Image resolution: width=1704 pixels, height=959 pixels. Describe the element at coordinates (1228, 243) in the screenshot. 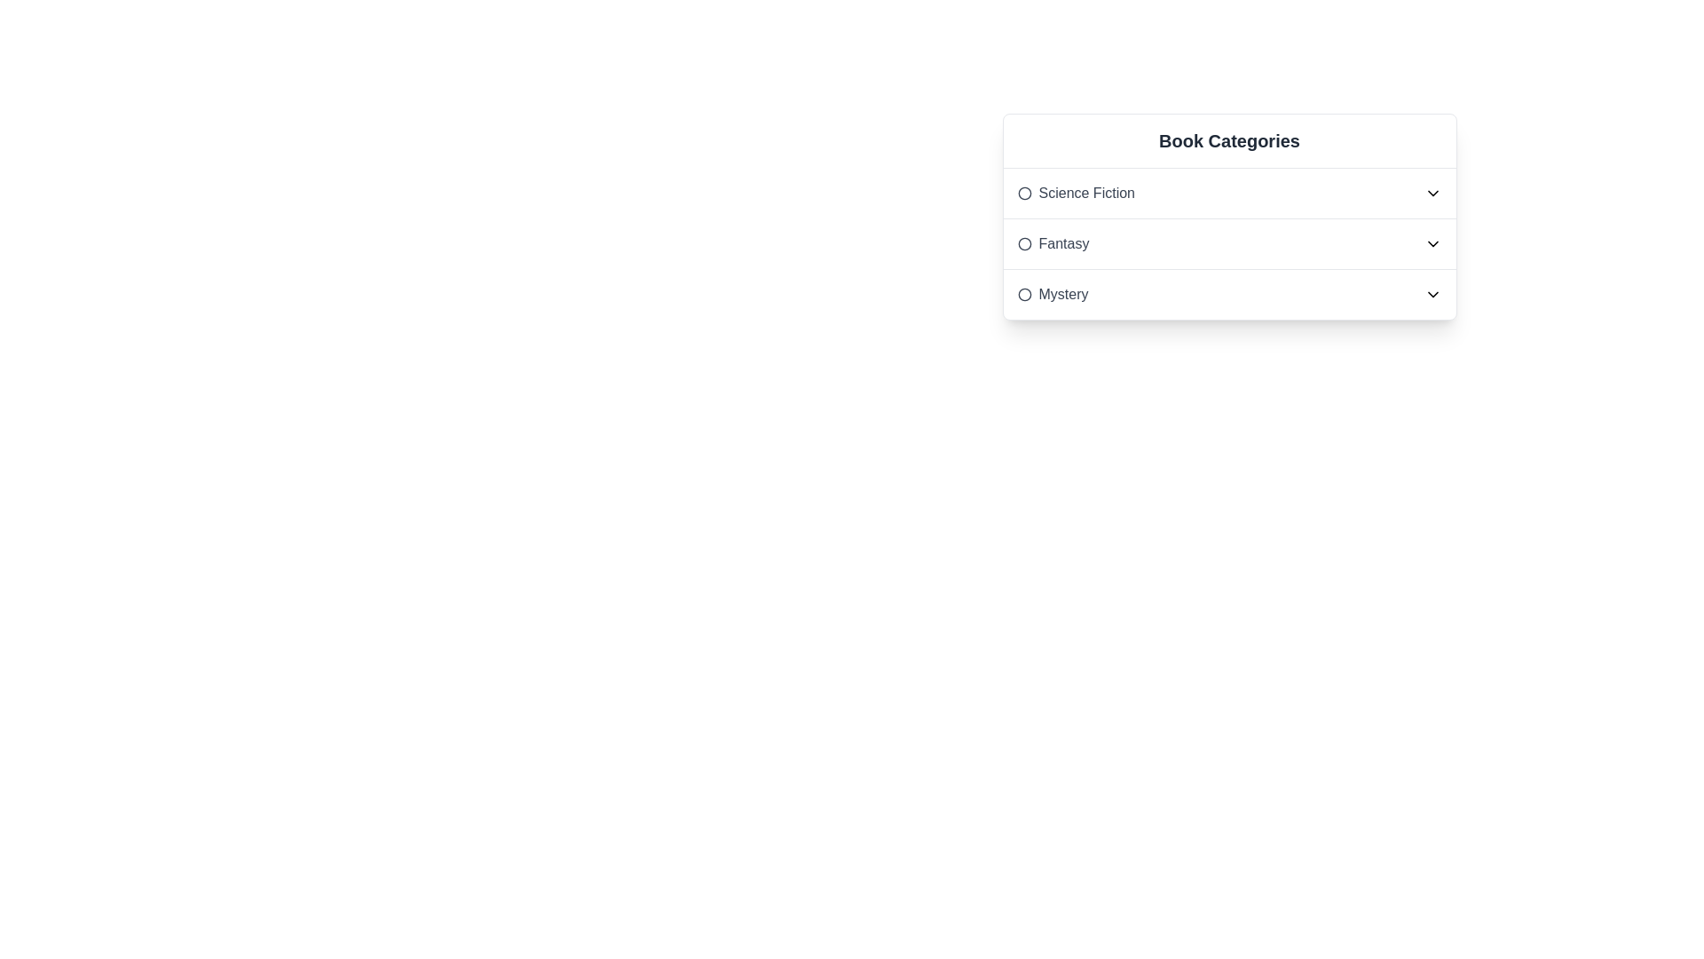

I see `the second row in the dropdown menu titled 'Book Categories'` at that location.